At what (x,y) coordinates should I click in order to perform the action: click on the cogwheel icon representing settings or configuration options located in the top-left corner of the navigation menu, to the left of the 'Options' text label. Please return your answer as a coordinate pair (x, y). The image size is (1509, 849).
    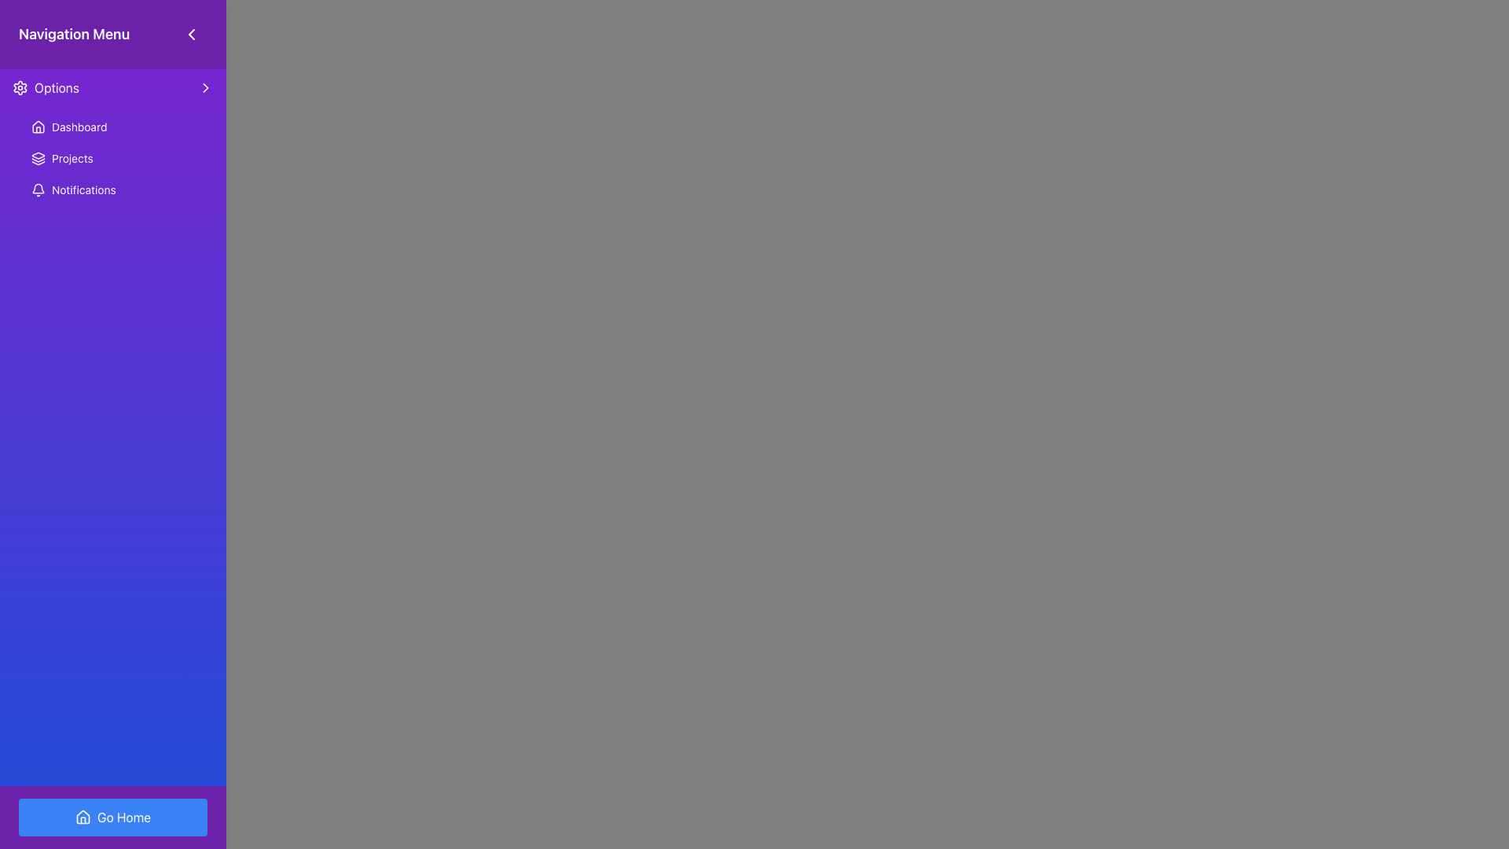
    Looking at the image, I should click on (20, 87).